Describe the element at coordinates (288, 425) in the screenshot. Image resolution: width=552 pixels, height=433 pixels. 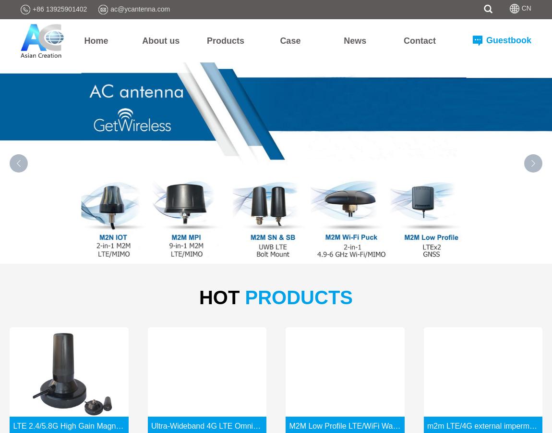
I see `'M2M Low Profile LTE/WiFi Wall Mount Ultra-Wide Band Antenna'` at that location.